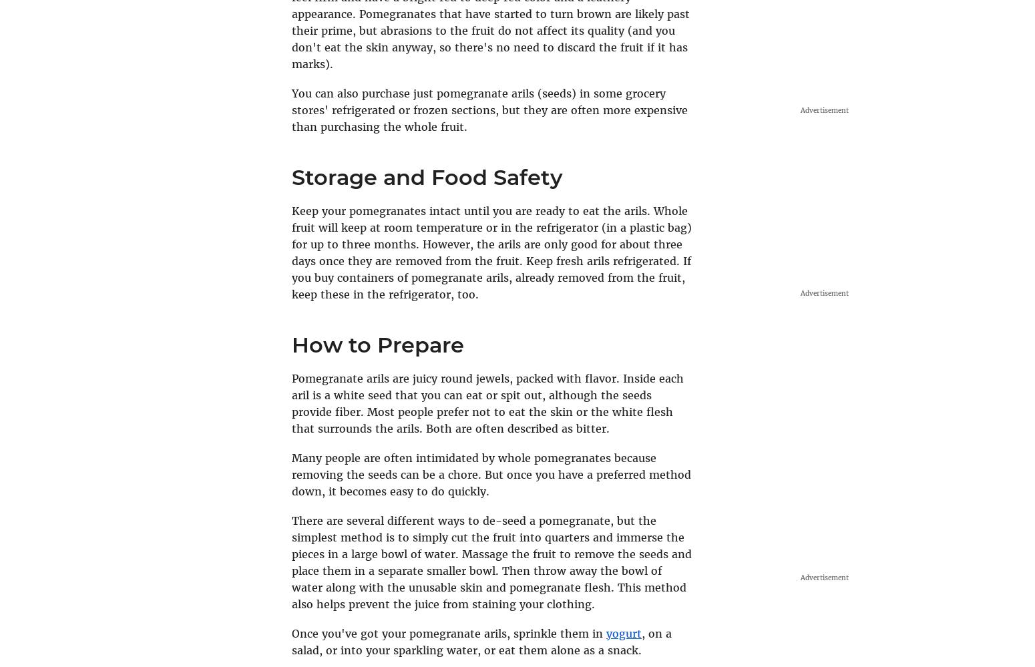 This screenshot has height=667, width=1035. I want to click on 'There are several different ways to de-seed a pomegranate, but the simplest method is to simply cut the fruit into quarters and immerse the pieces in a large bowl of water. Massage the fruit to remove the seeds and place them in a separate smaller bowl. Then throw away the bowl of water along with the unusable skin and pomegranate flesh. This method also helps prevent the juice from staining your clothing.', so click(491, 561).